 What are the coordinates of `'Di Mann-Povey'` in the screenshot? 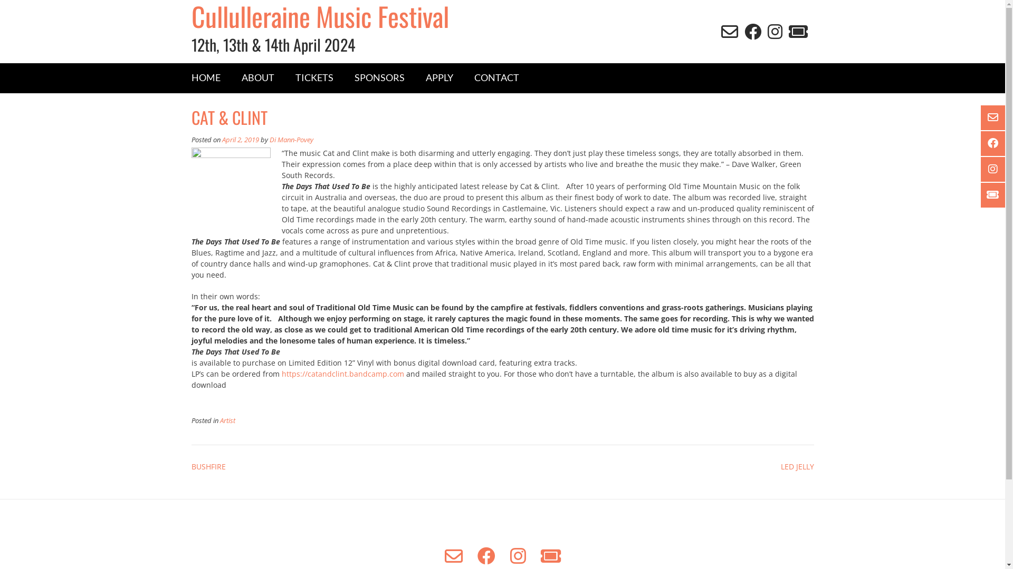 It's located at (291, 139).